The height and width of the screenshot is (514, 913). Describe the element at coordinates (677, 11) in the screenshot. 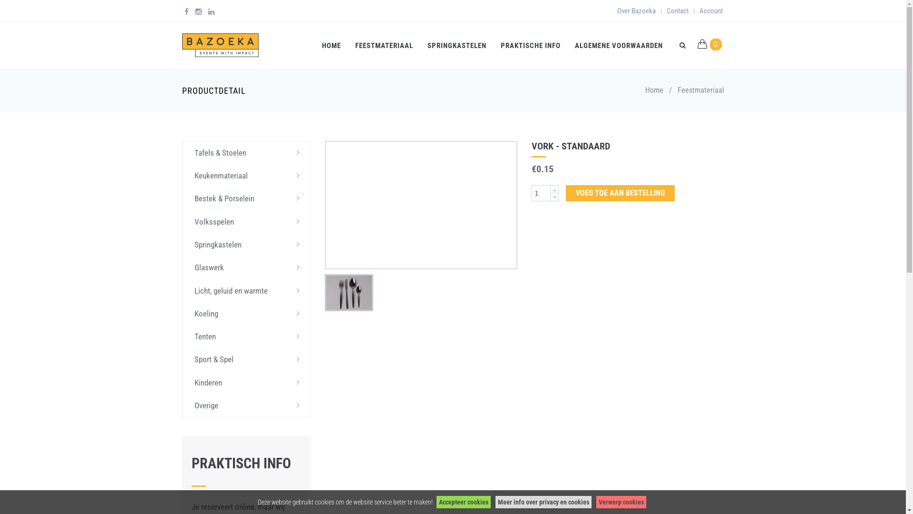

I see `'Contact'` at that location.